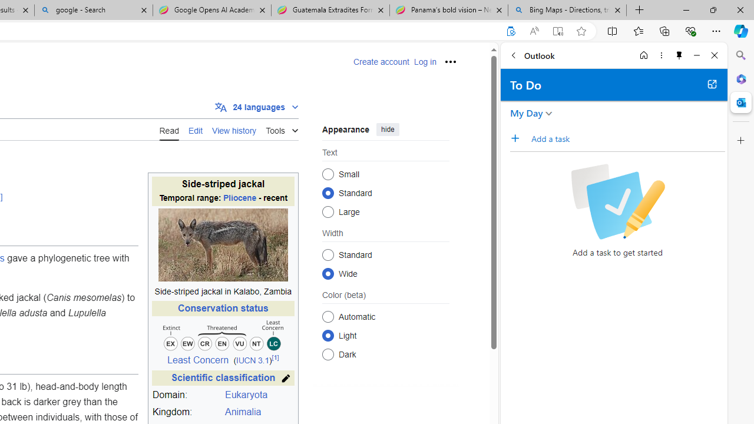 This screenshot has height=424, width=754. I want to click on 'Edit this classification', so click(286, 378).